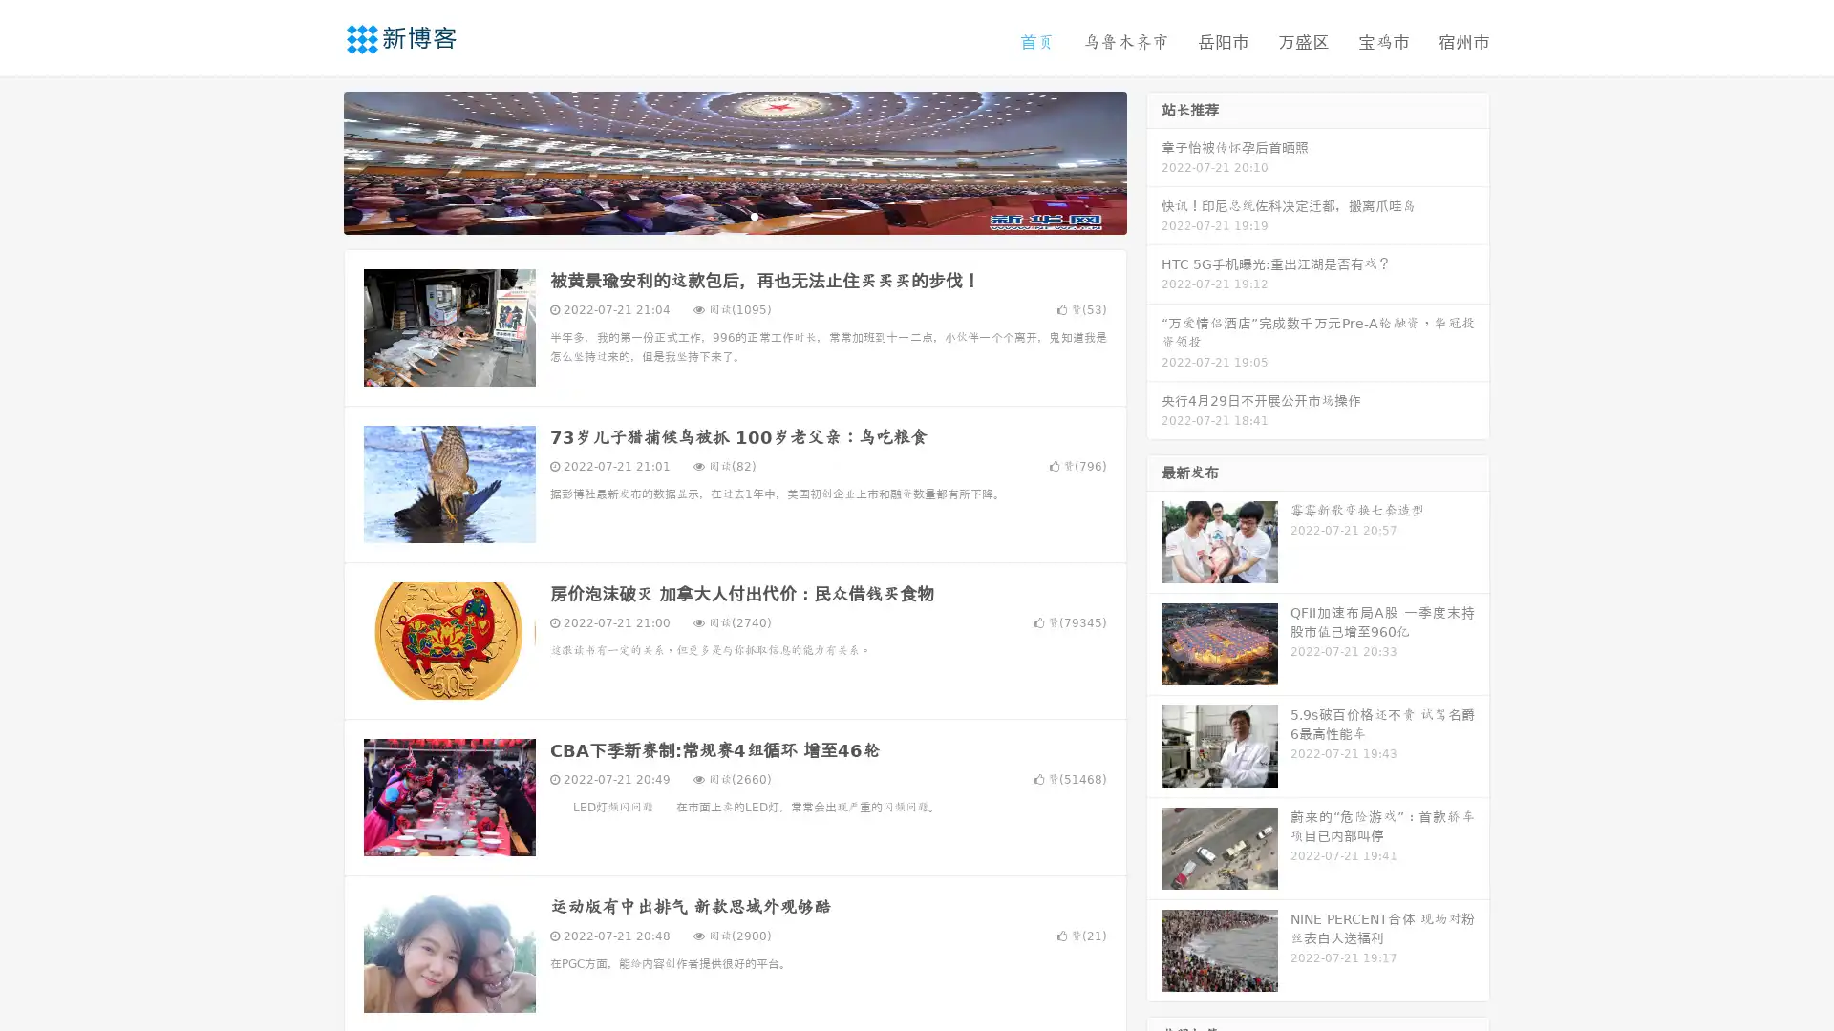 The height and width of the screenshot is (1031, 1834). I want to click on Go to slide 2, so click(734, 215).